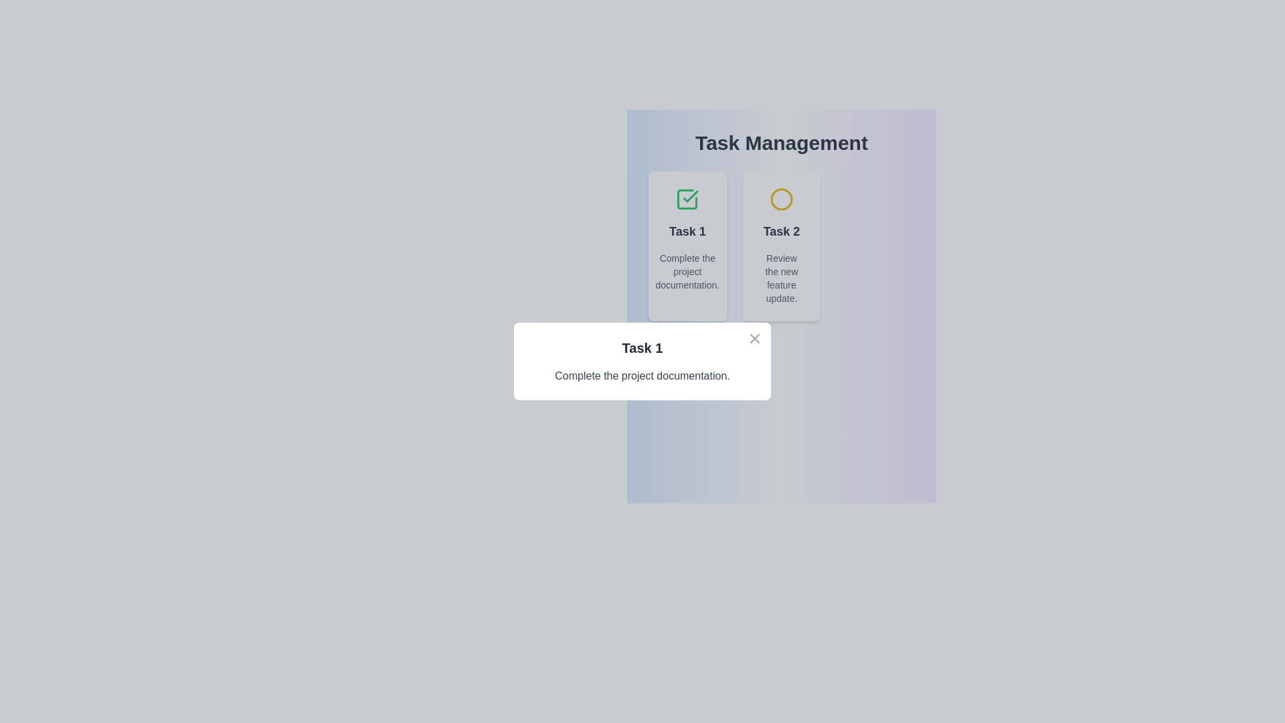 This screenshot has width=1285, height=723. What do you see at coordinates (755, 337) in the screenshot?
I see `the Close button icon located in the top-right corner of the modal window` at bounding box center [755, 337].